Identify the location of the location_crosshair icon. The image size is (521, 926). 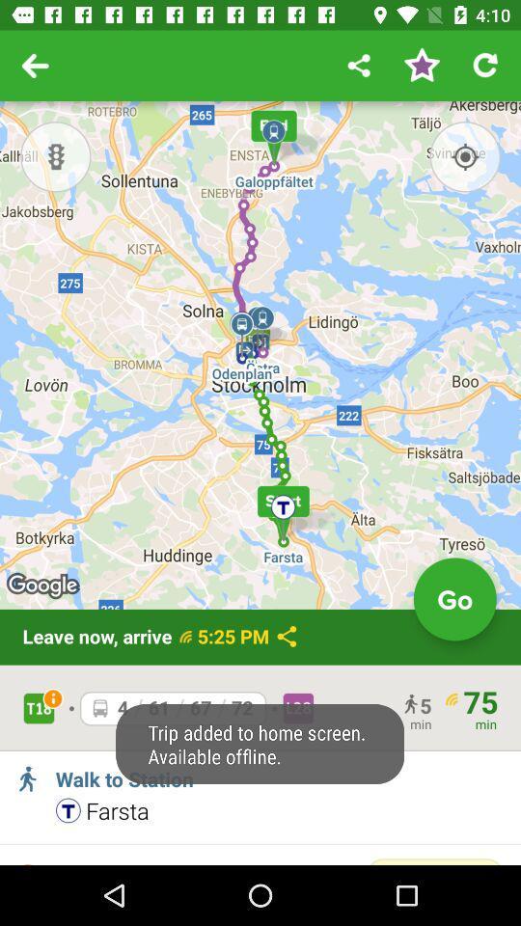
(464, 155).